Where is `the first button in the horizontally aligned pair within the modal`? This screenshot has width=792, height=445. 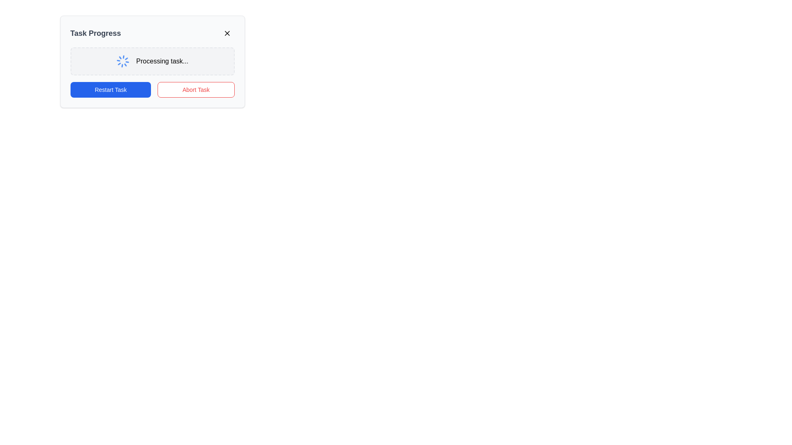
the first button in the horizontally aligned pair within the modal is located at coordinates (110, 90).